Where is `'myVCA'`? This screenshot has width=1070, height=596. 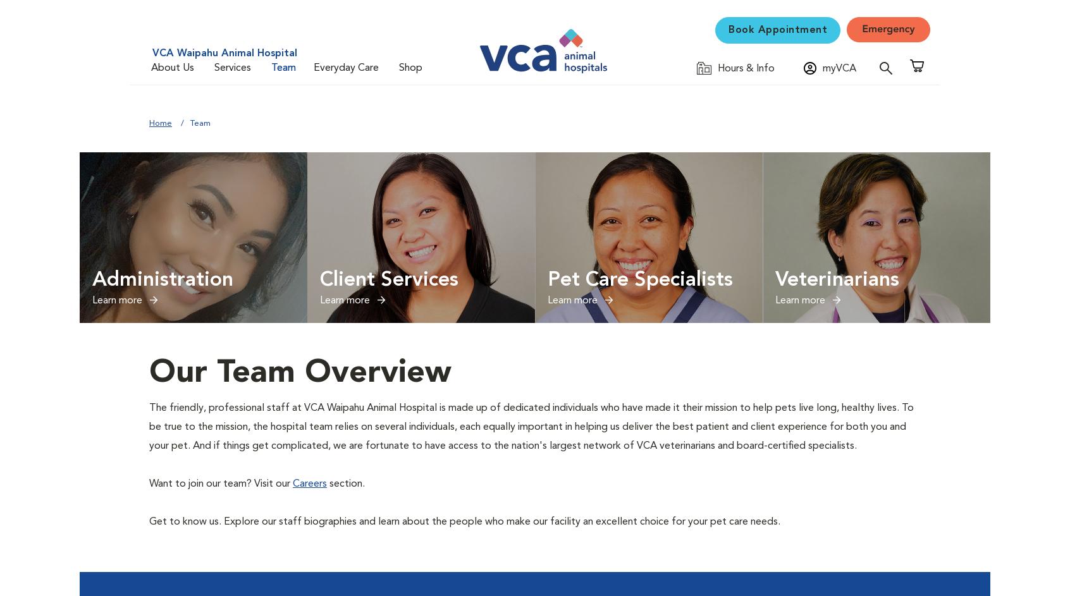 'myVCA' is located at coordinates (839, 69).